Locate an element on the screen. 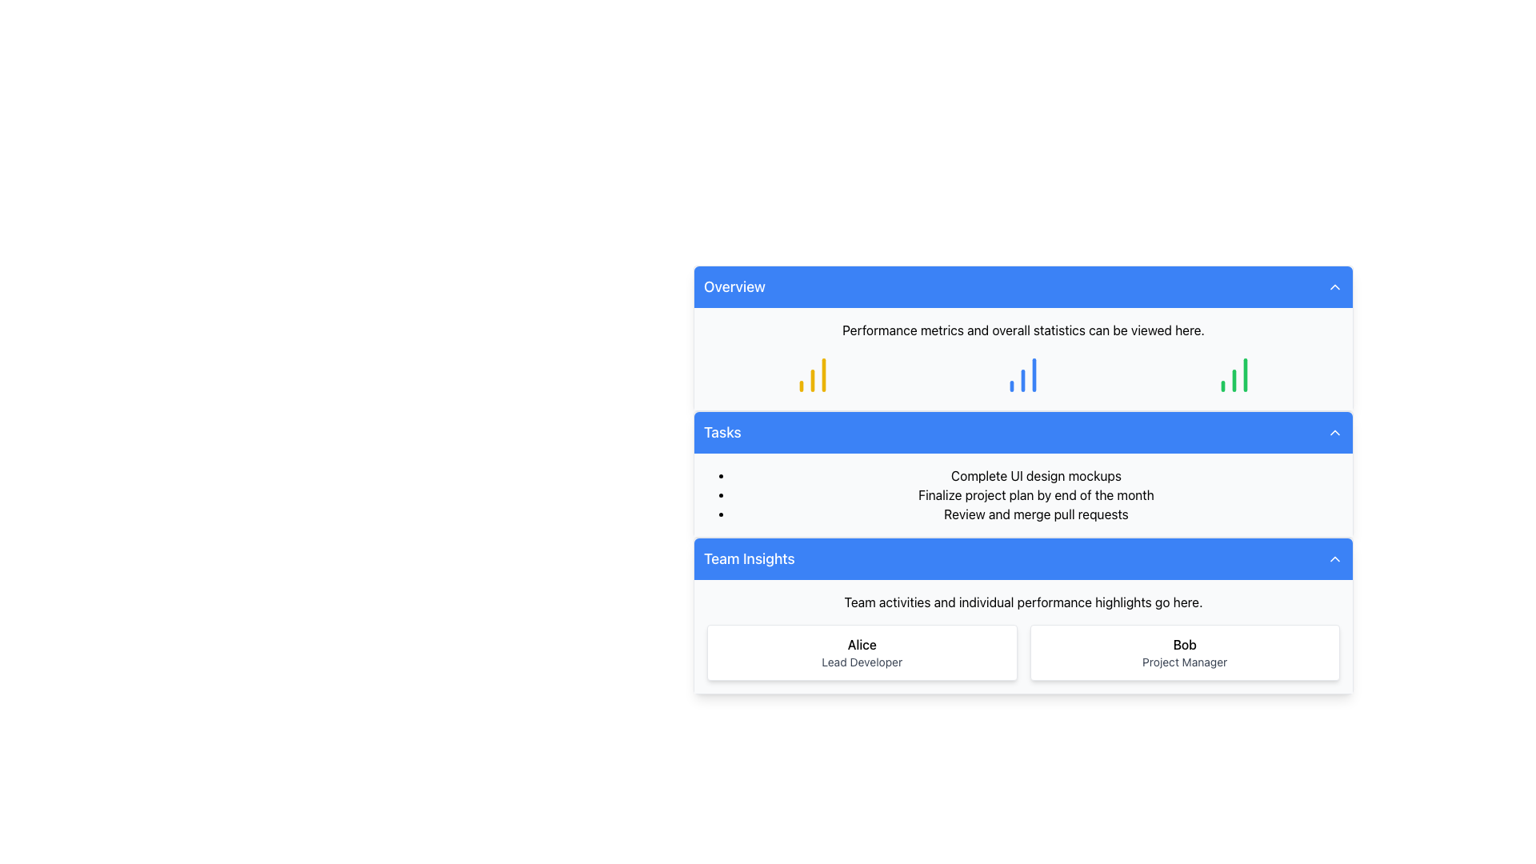  the Text List displaying tasks within the 'Tasks' card, located below the blue header is located at coordinates (1022, 494).